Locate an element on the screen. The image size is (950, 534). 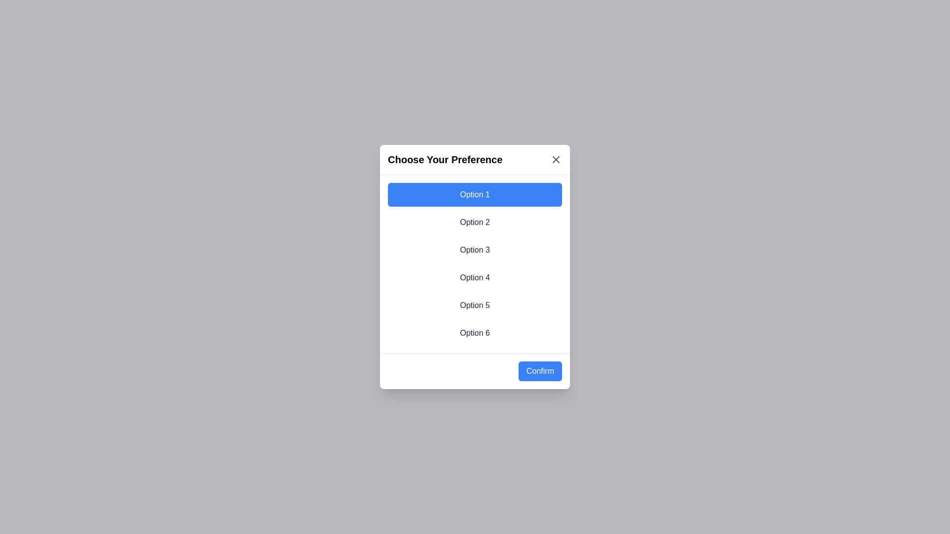
the option 3 from the list is located at coordinates (475, 249).